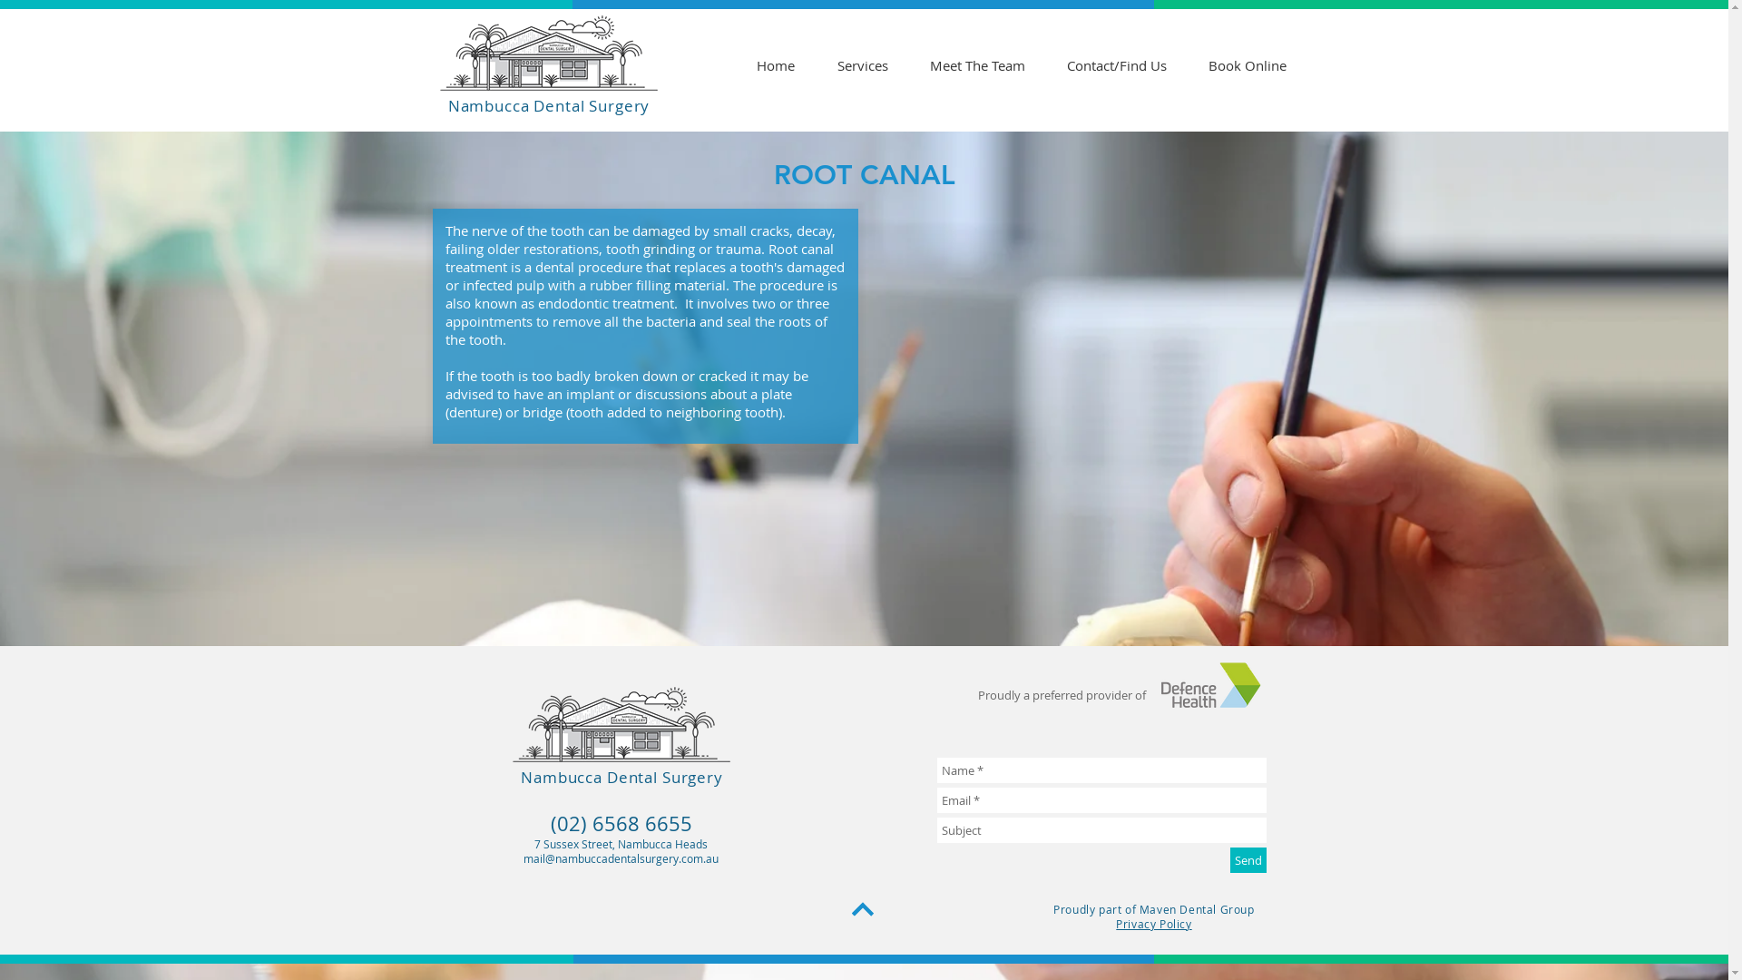 This screenshot has height=980, width=1742. Describe the element at coordinates (1114, 924) in the screenshot. I see `'Privacy Policy'` at that location.